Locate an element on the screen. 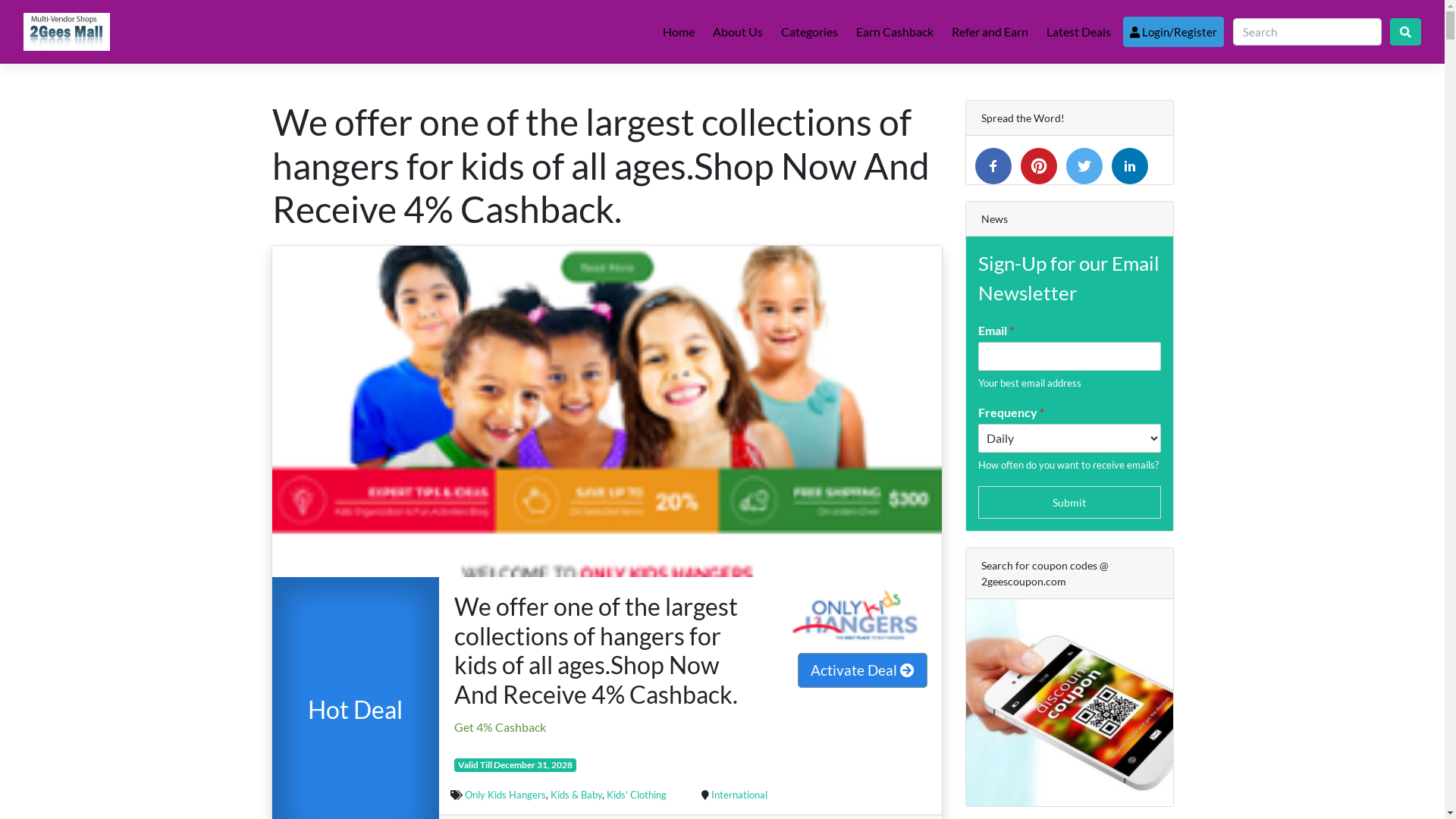  'Latest Deals' is located at coordinates (1078, 32).